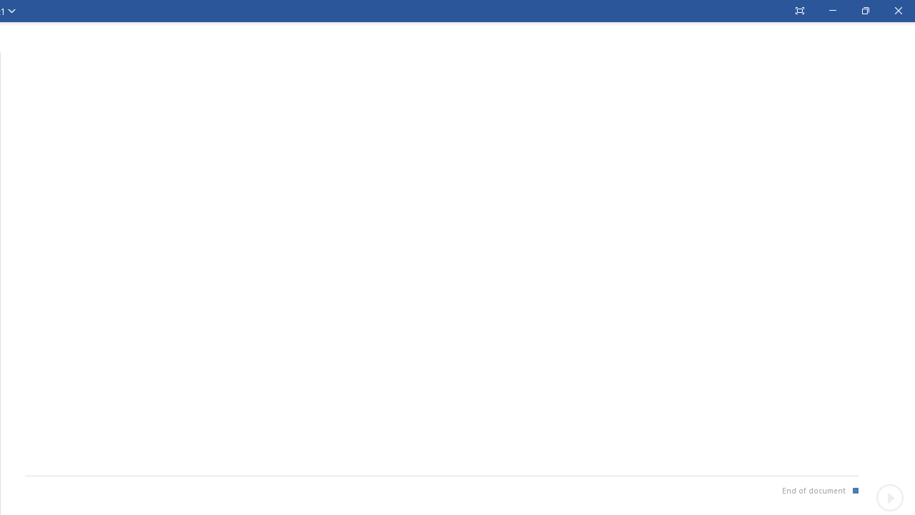  I want to click on 'Auto-hide Reading Toolbar', so click(798, 11).